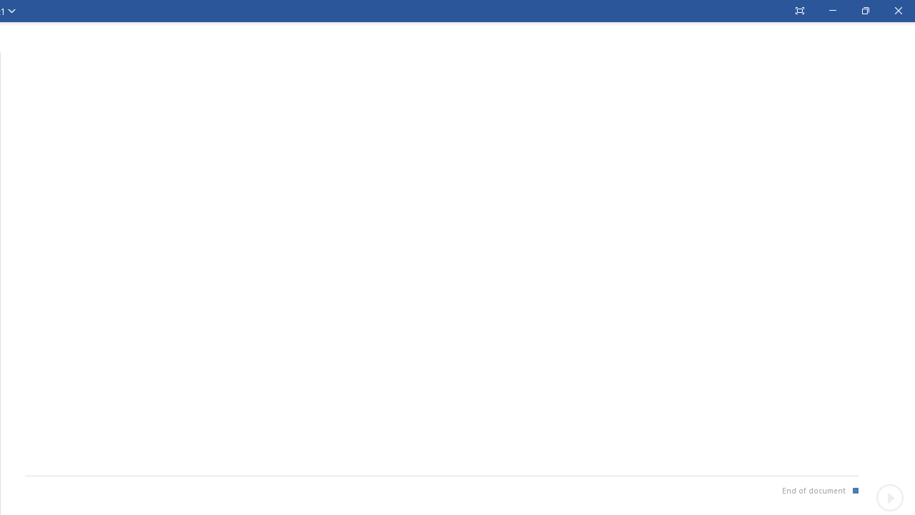  I want to click on 'Auto-hide Reading Toolbar', so click(798, 11).